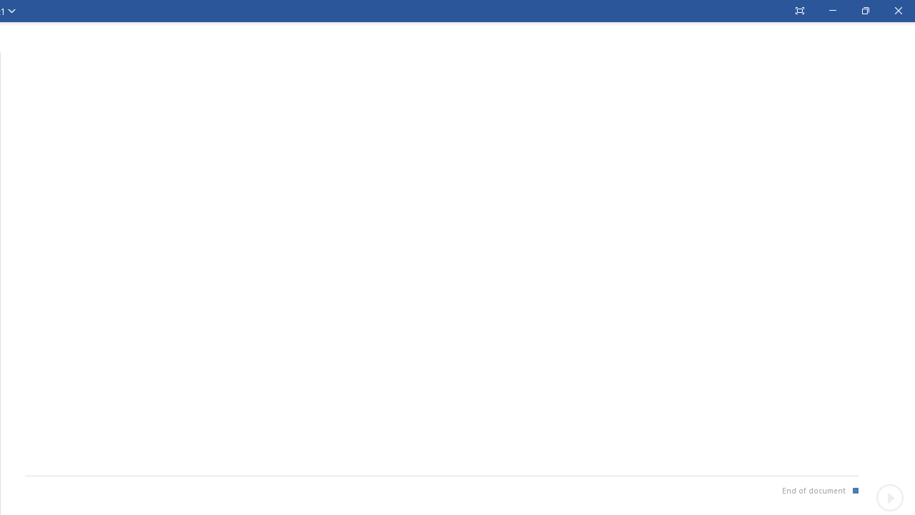  I want to click on 'Auto-hide Reading Toolbar', so click(798, 11).